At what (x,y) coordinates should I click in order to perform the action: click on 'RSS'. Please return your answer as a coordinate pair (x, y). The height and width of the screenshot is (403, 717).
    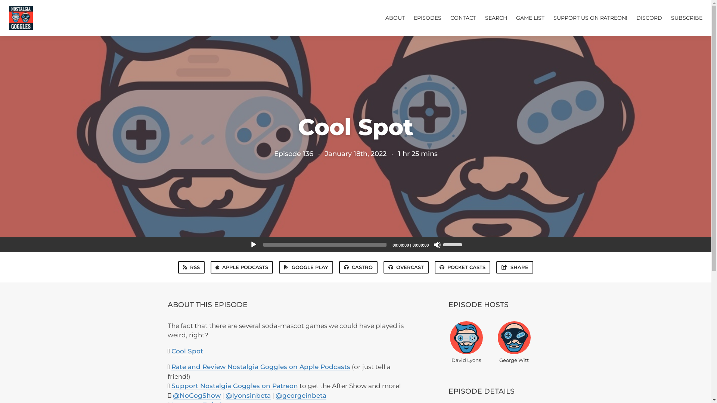
    Looking at the image, I should click on (191, 267).